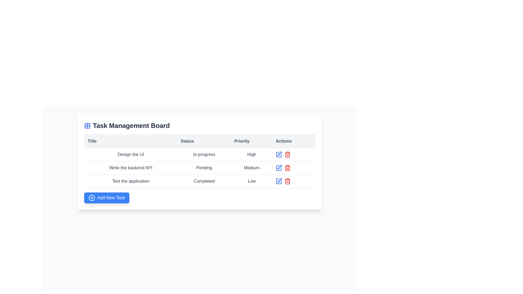  What do you see at coordinates (280, 180) in the screenshot?
I see `the edit icon located in the 'Actions' column of the row for 'Test the application' to commence editing` at bounding box center [280, 180].